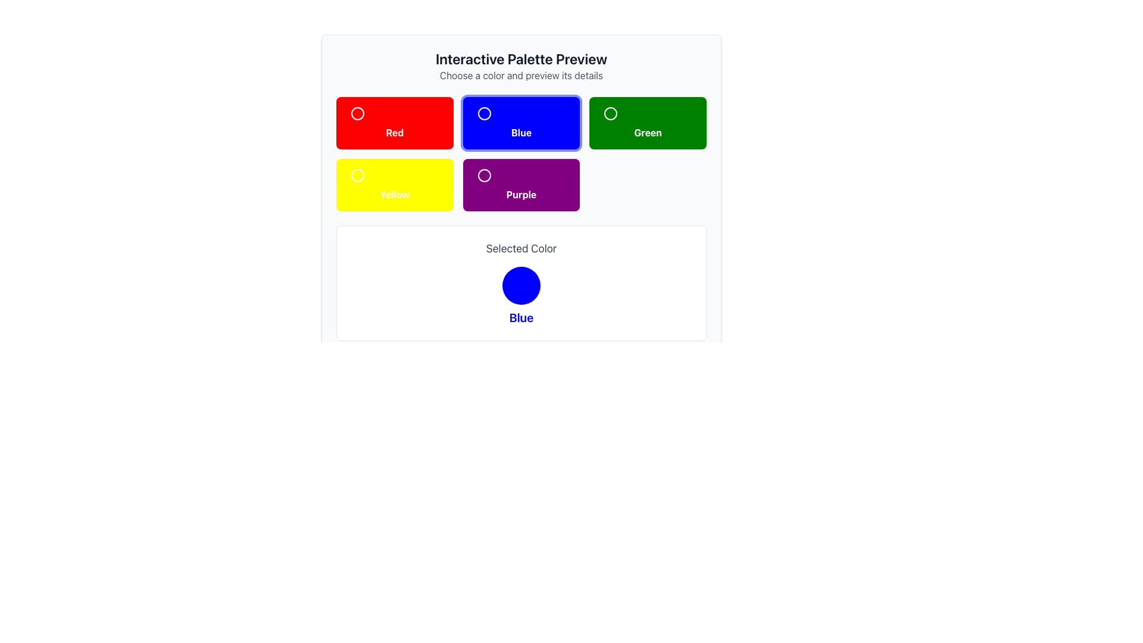  Describe the element at coordinates (394, 123) in the screenshot. I see `the bright red button labeled 'RED' with a circular icon on its top-left corner` at that location.